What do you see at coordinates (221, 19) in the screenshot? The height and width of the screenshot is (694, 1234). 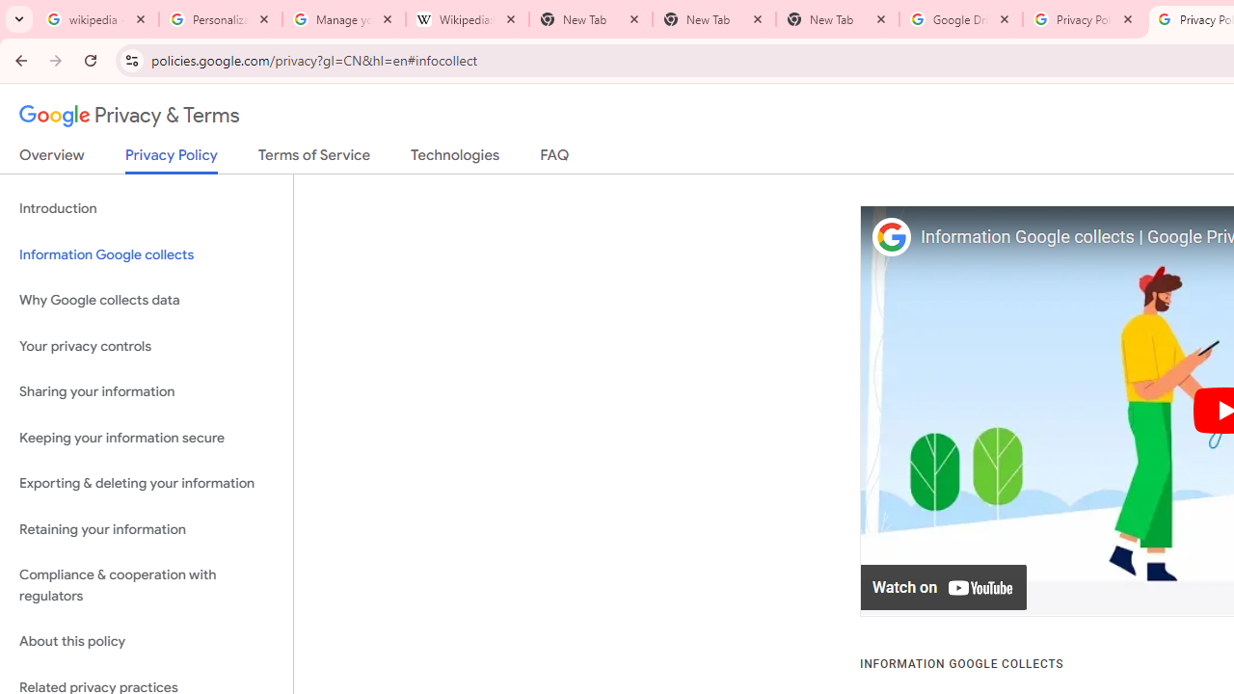 I see `'Personalization & Google Search results - Google Search Help'` at bounding box center [221, 19].